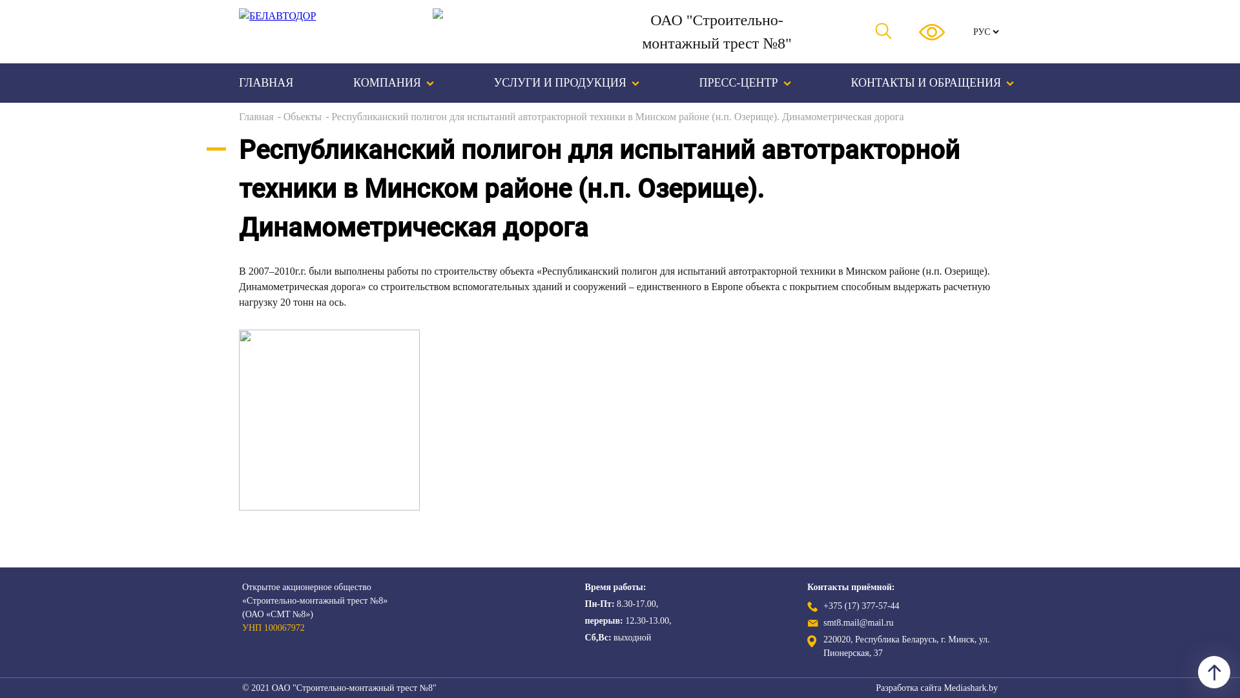 The height and width of the screenshot is (698, 1240). What do you see at coordinates (862, 606) in the screenshot?
I see `'+375 (17) 377-57-44'` at bounding box center [862, 606].